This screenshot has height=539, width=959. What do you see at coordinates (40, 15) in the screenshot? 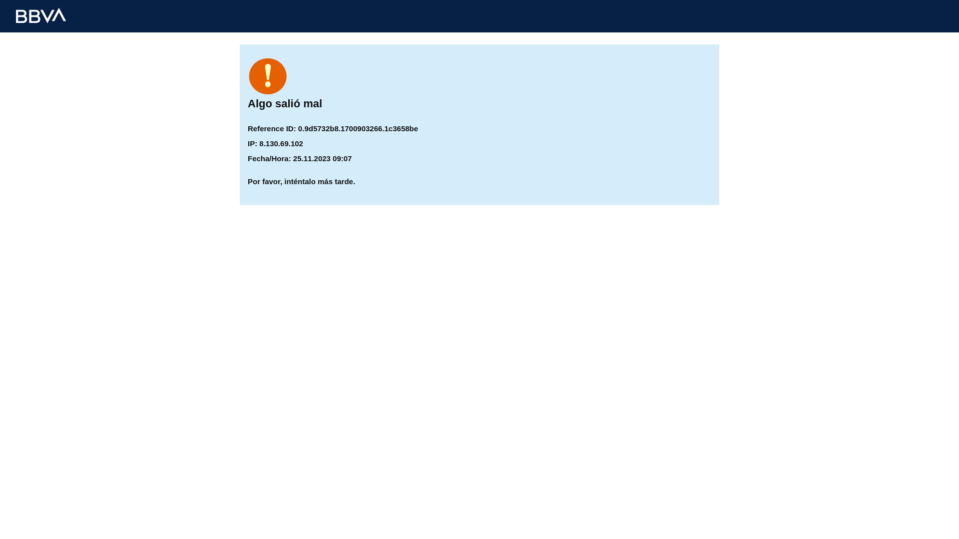
I see `'LOGO BBVA'` at bounding box center [40, 15].